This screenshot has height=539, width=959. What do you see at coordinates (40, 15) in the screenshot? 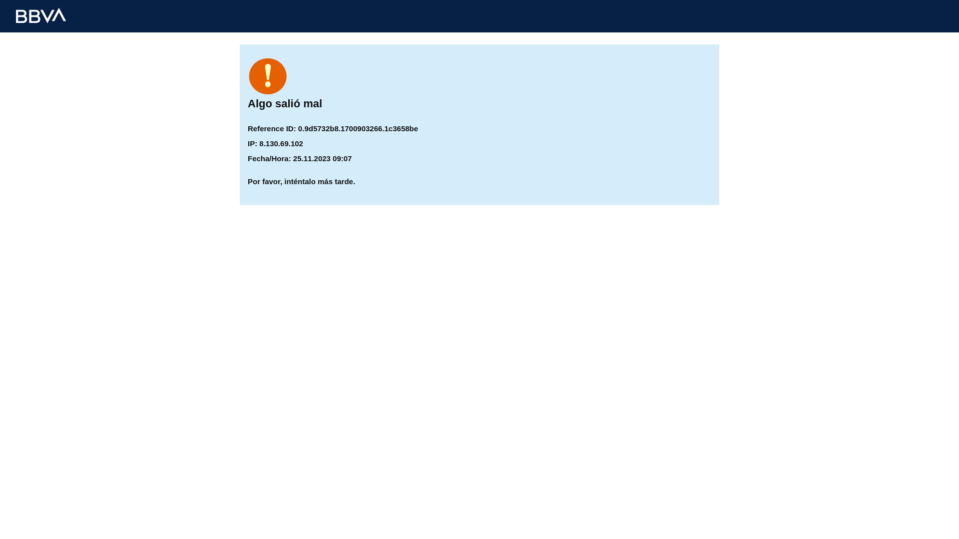
I see `'LOGO BBVA'` at bounding box center [40, 15].